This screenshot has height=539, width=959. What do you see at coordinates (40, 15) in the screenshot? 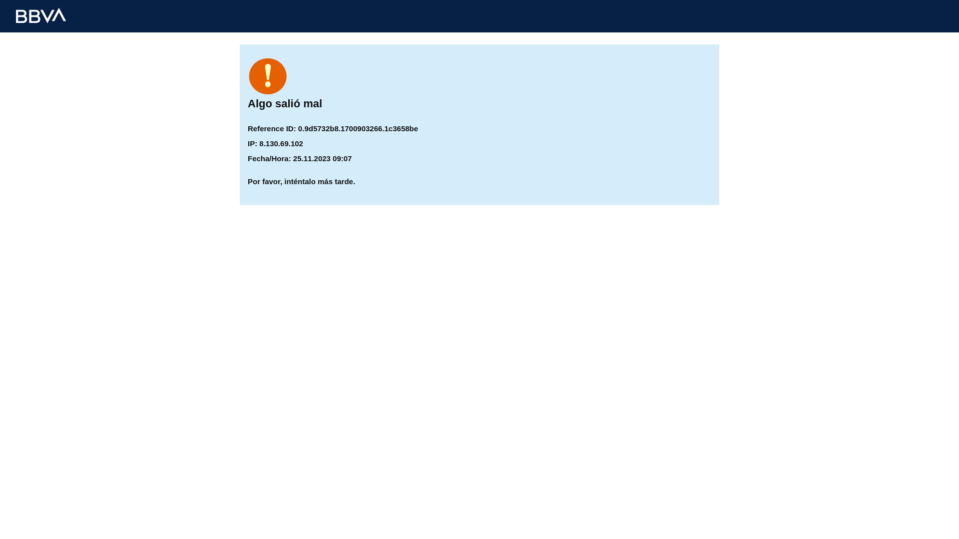
I see `'LOGO BBVA'` at bounding box center [40, 15].